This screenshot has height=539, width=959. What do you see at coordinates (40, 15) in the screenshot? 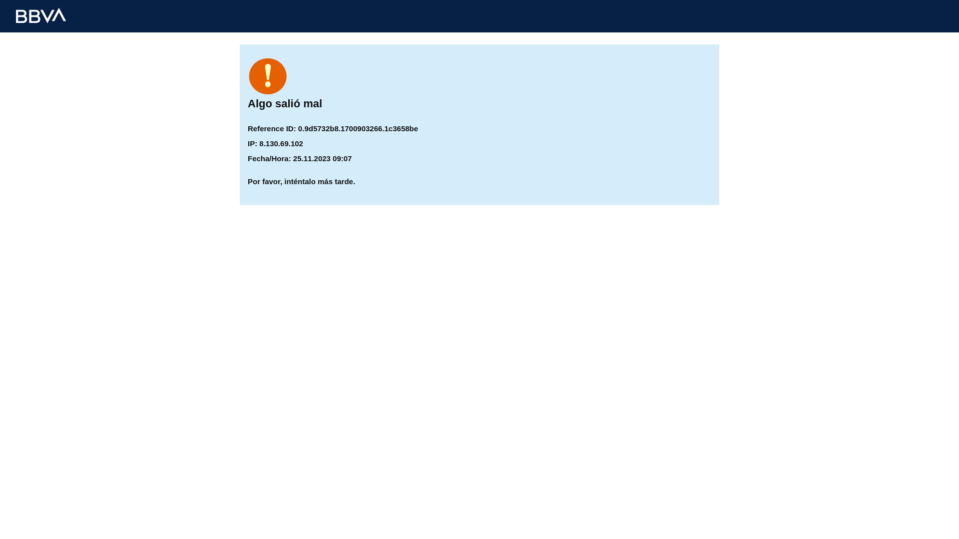
I see `'LOGO BBVA'` at bounding box center [40, 15].